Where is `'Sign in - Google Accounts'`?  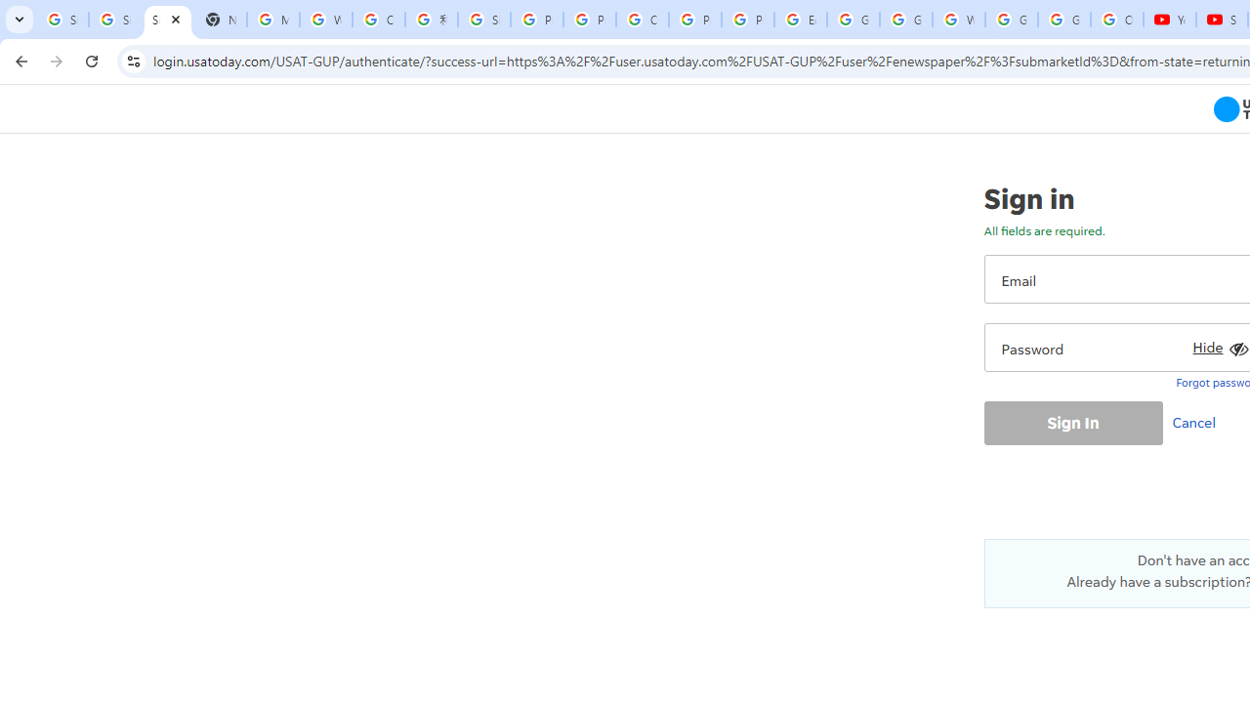 'Sign in - Google Accounts' is located at coordinates (113, 20).